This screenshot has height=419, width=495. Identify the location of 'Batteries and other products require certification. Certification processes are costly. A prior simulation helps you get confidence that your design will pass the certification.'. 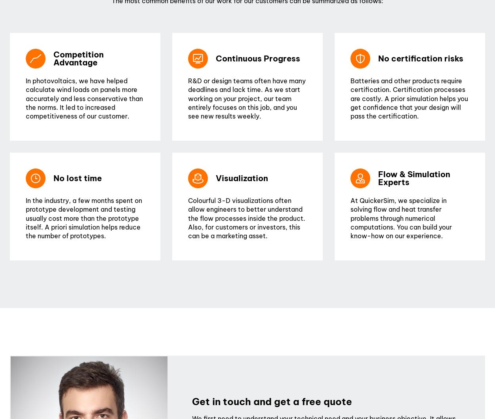
(409, 98).